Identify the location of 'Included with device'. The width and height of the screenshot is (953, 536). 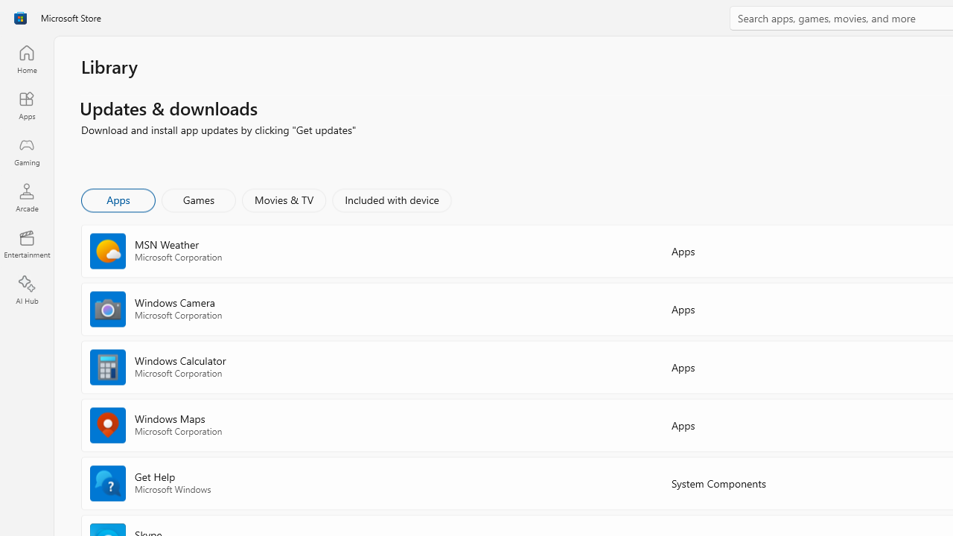
(391, 199).